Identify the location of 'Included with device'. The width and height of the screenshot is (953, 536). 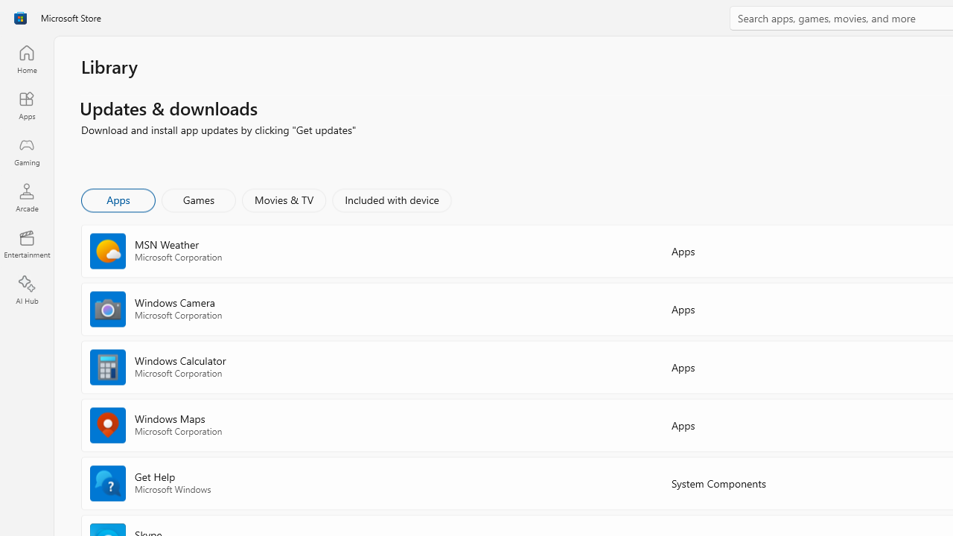
(391, 199).